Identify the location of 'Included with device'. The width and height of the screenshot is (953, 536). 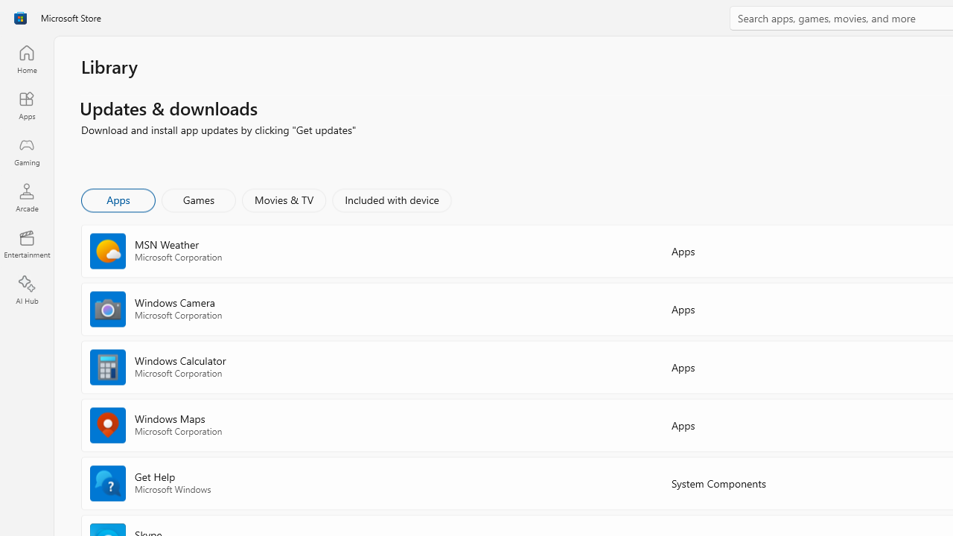
(391, 199).